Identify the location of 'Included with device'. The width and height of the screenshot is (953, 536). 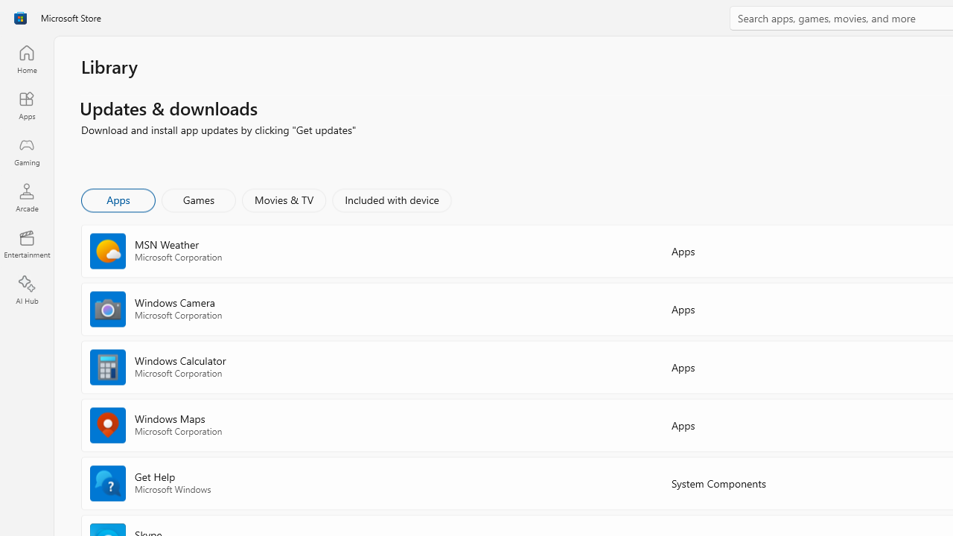
(391, 199).